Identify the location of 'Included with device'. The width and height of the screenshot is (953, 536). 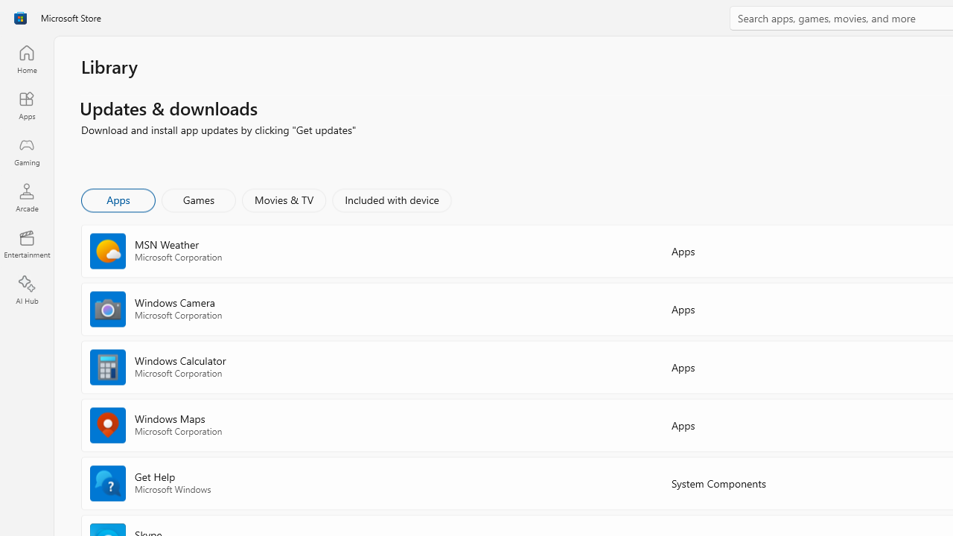
(391, 199).